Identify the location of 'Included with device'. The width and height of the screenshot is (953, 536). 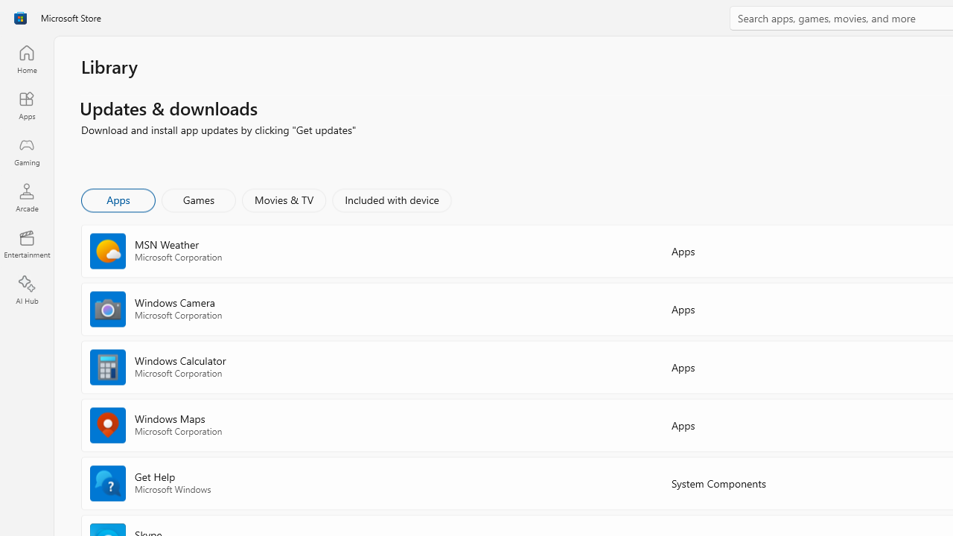
(391, 199).